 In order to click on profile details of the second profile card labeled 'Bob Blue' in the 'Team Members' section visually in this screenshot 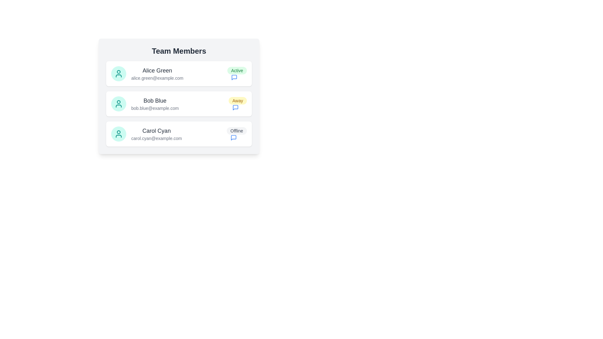, I will do `click(179, 104)`.